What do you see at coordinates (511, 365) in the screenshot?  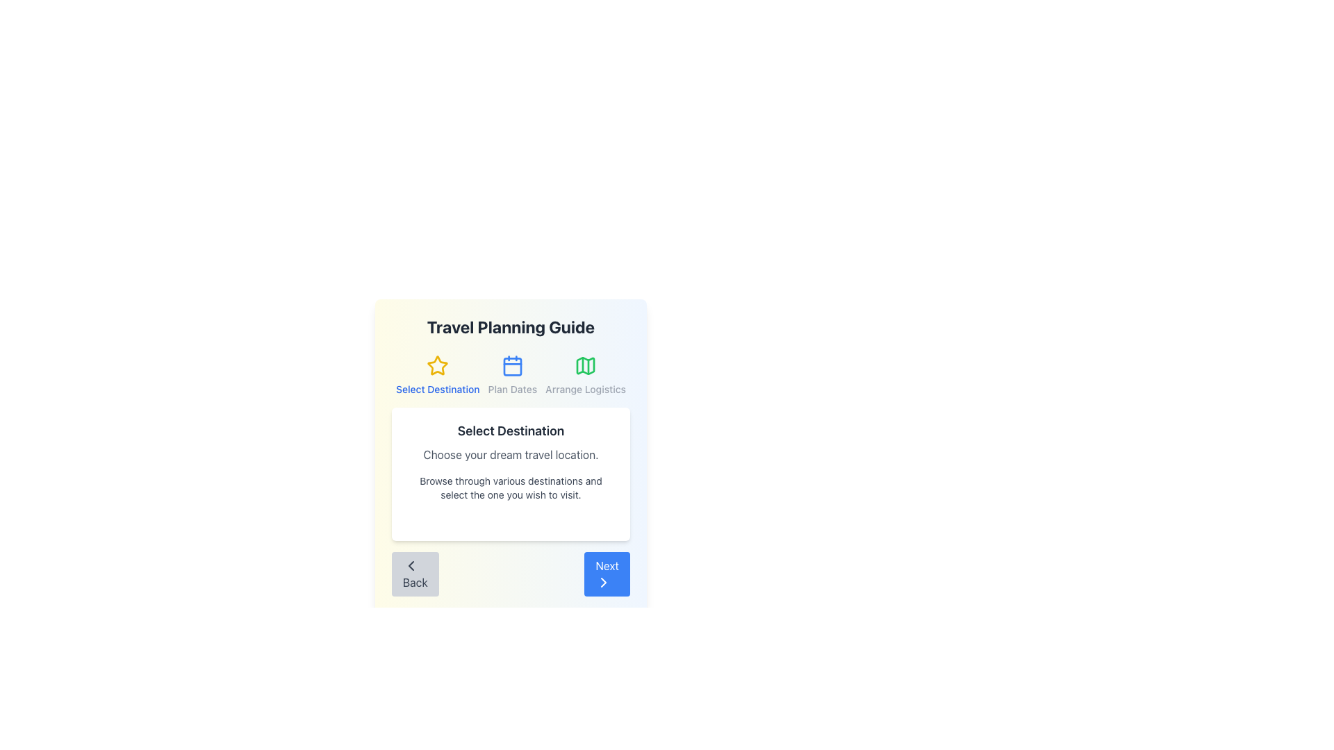 I see `the blue calendar icon button, which is the second icon from the left in the 'Plan Dates' navigation option` at bounding box center [511, 365].